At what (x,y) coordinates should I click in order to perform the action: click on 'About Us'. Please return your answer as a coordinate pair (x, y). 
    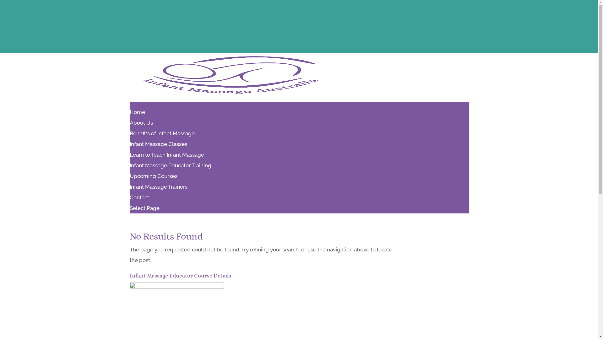
    Looking at the image, I should click on (129, 126).